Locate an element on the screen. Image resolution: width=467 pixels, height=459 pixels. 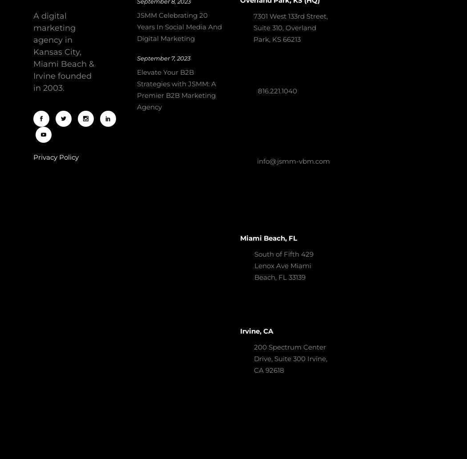
'South of Fifth 429 Lenox Ave Miami Beach, FL 33139' is located at coordinates (284, 266).